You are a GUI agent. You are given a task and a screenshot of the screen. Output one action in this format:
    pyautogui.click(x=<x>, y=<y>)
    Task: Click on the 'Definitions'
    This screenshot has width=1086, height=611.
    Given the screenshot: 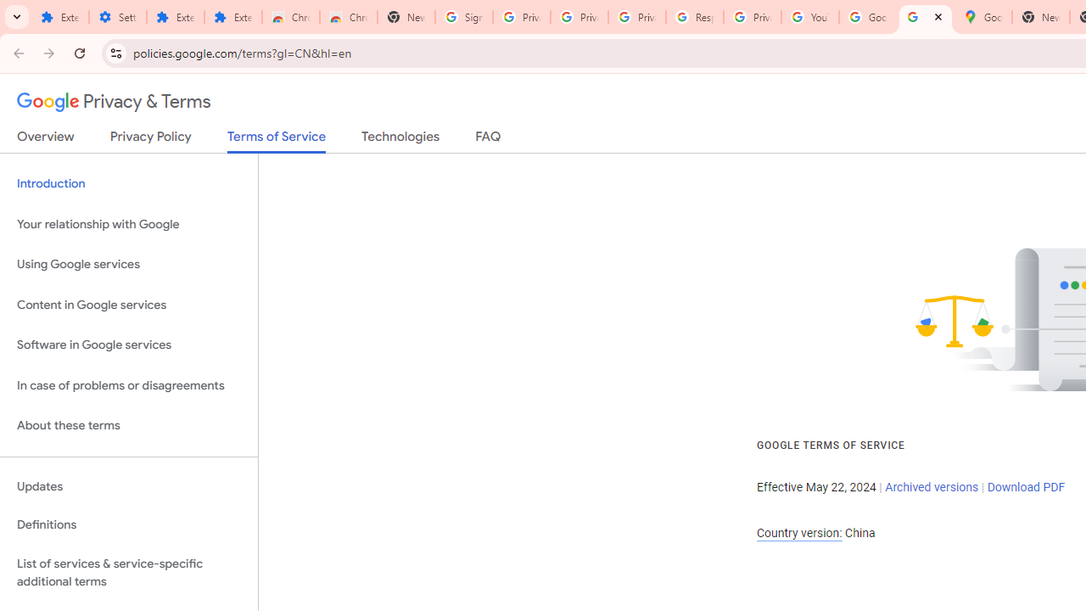 What is the action you would take?
    pyautogui.click(x=128, y=524)
    